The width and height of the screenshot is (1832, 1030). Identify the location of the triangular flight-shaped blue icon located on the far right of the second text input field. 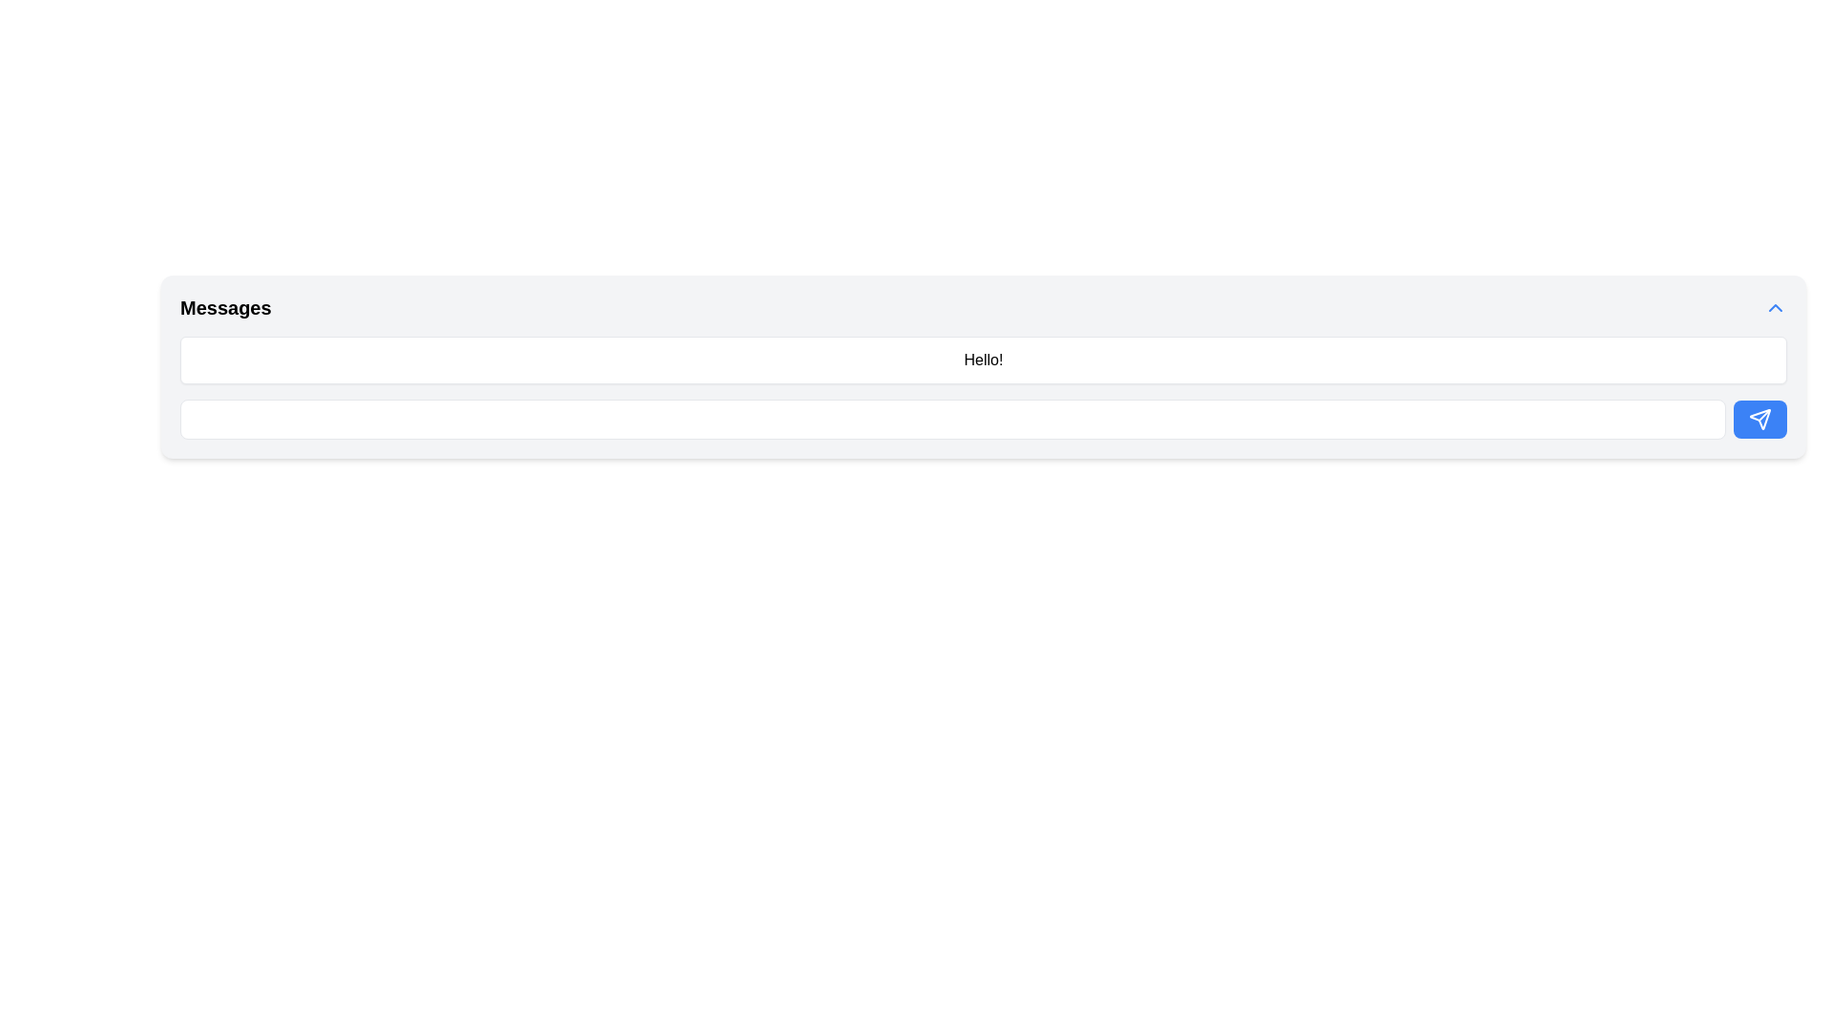
(1759, 418).